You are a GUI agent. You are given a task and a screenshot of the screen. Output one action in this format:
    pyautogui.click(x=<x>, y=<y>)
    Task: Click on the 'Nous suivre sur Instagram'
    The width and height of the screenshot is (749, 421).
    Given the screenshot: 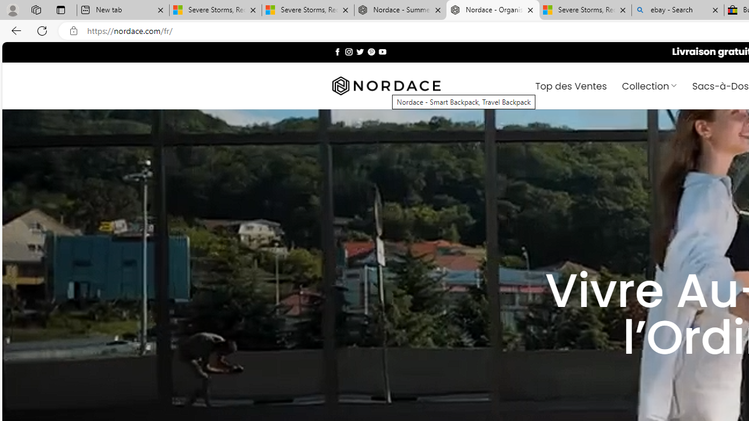 What is the action you would take?
    pyautogui.click(x=348, y=51)
    